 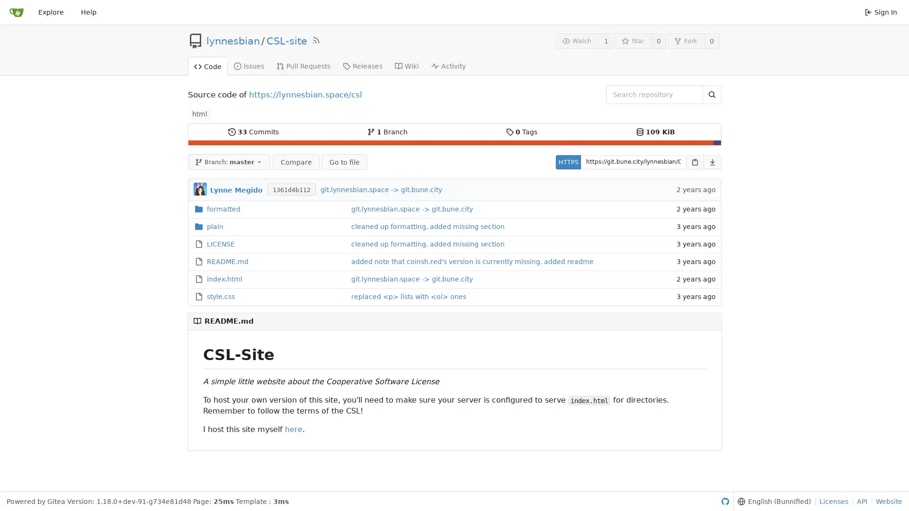 I want to click on Watch, so click(x=577, y=40).